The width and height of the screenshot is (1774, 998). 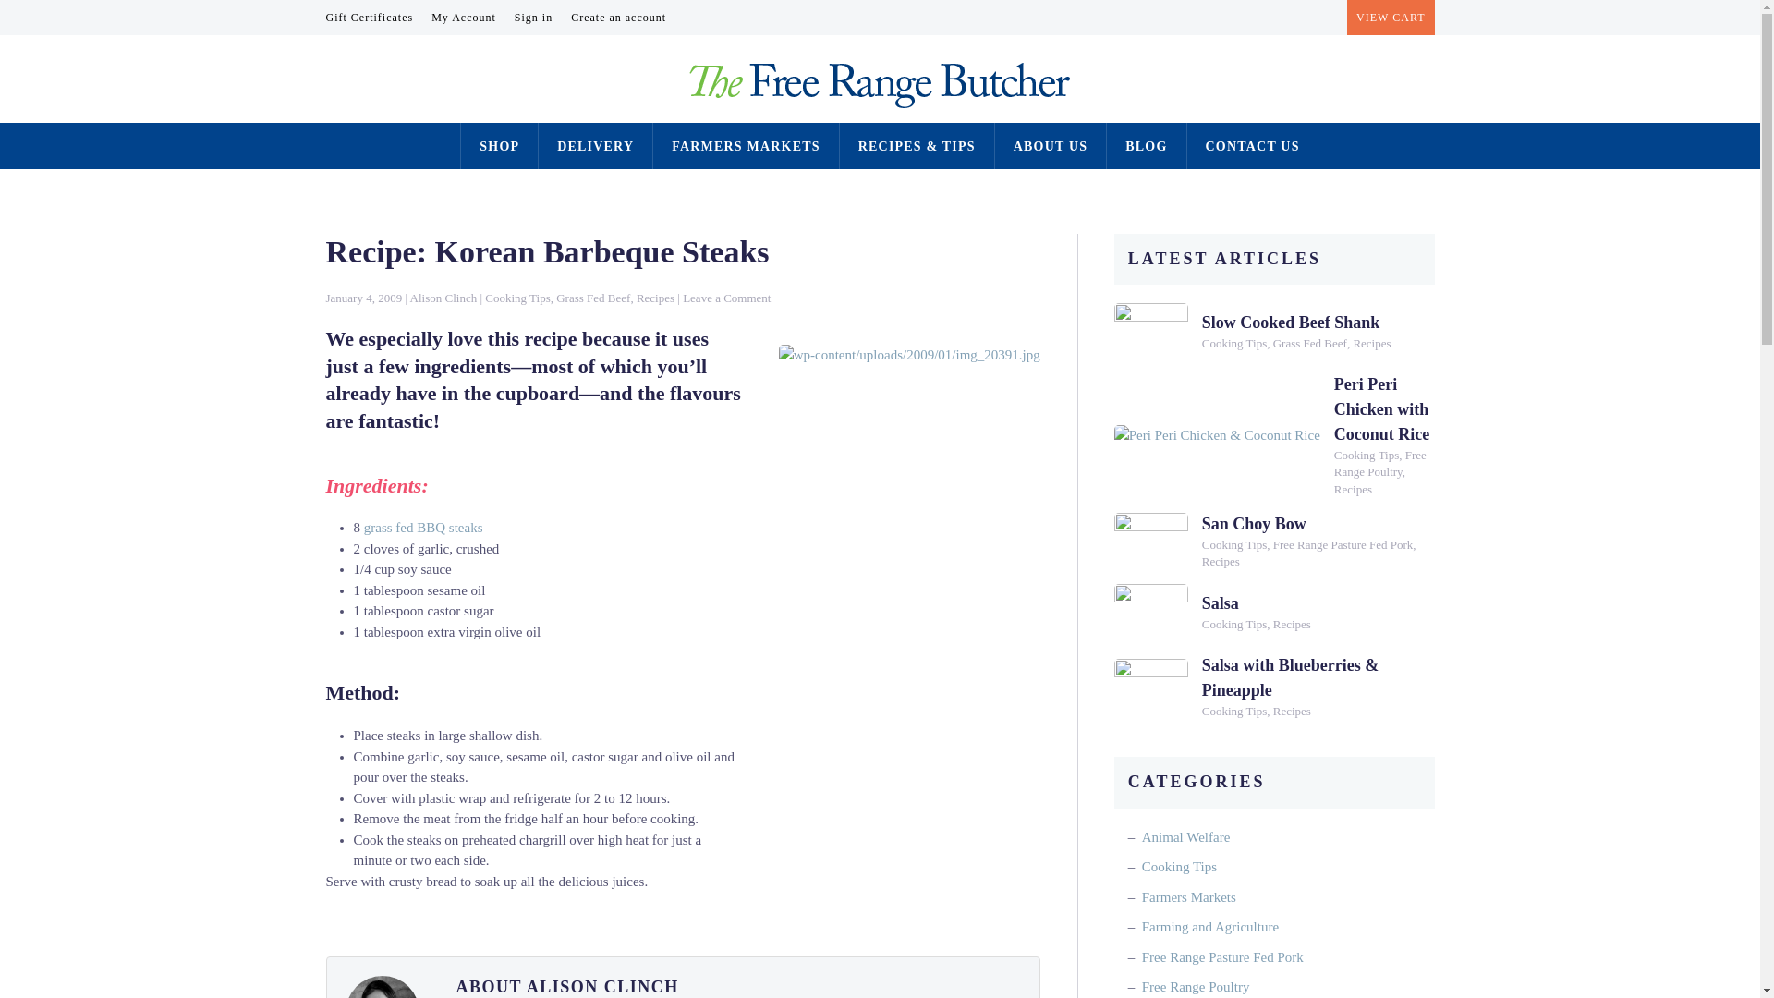 What do you see at coordinates (1210, 926) in the screenshot?
I see `'Farming and Agriculture'` at bounding box center [1210, 926].